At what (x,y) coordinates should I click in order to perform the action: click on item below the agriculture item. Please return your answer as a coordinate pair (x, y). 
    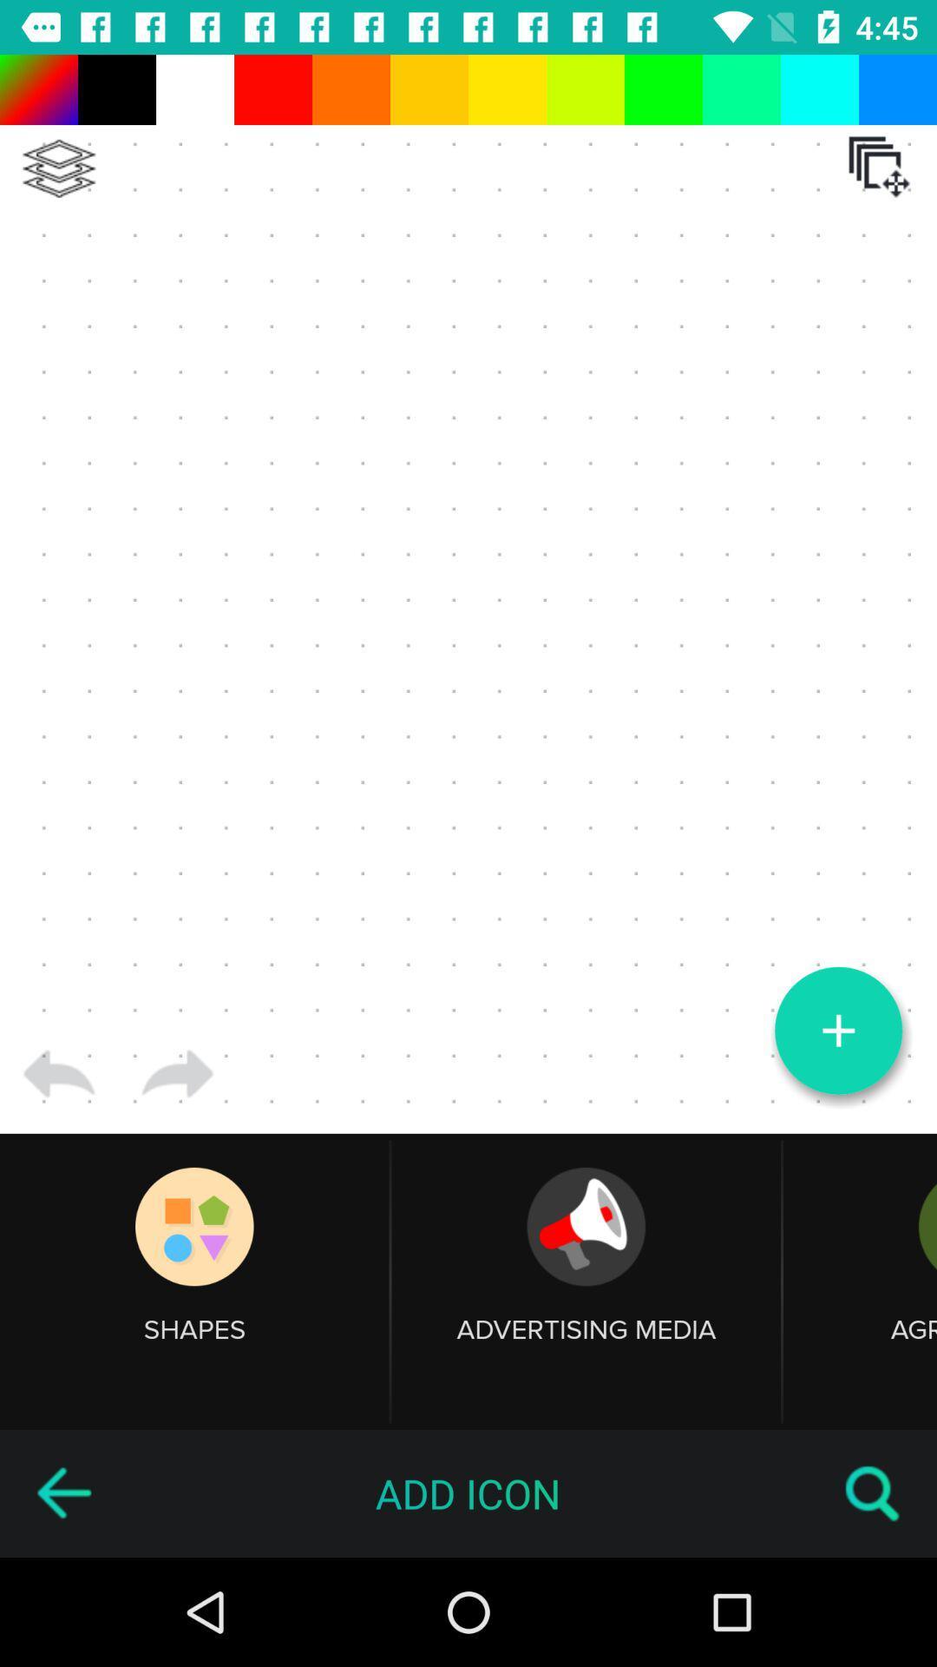
    Looking at the image, I should click on (873, 1492).